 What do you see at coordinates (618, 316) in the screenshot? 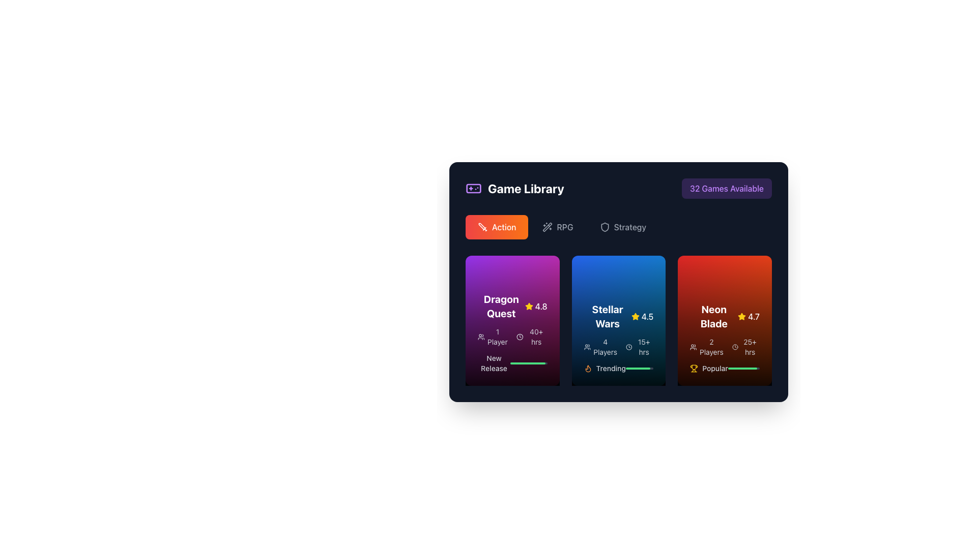
I see `the 'Stellar Wars' Text and Icon Group element, which features a bold title and a yellow star rating, located centrally within the blue card in the second column of the game library grid` at bounding box center [618, 316].